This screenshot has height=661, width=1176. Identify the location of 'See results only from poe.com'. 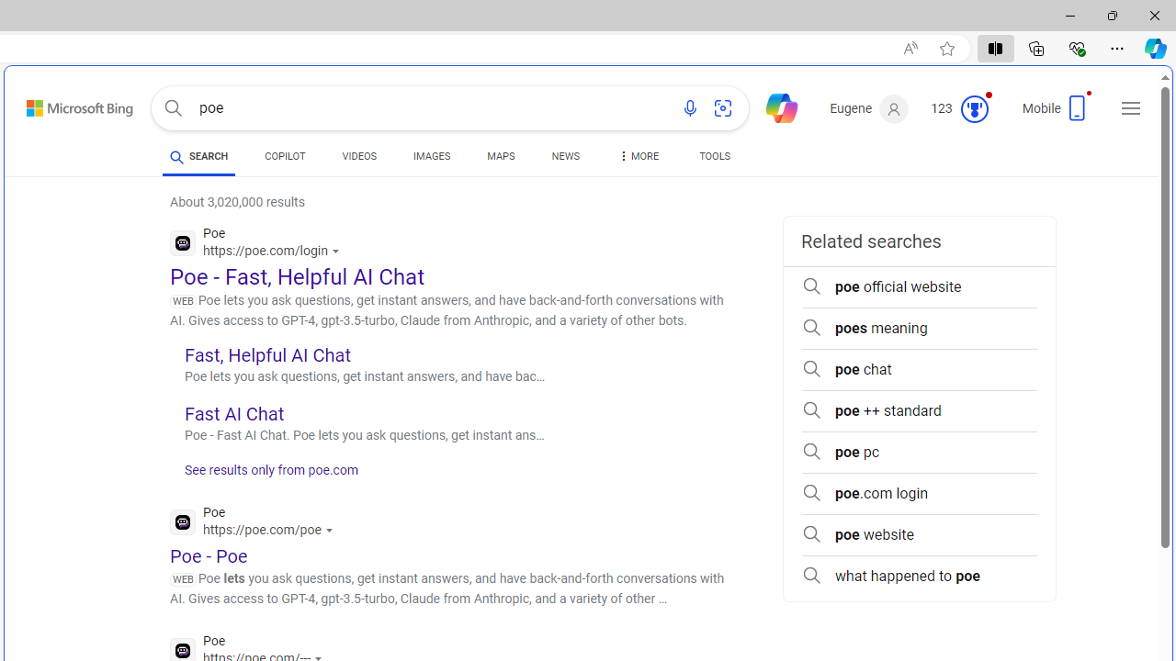
(264, 474).